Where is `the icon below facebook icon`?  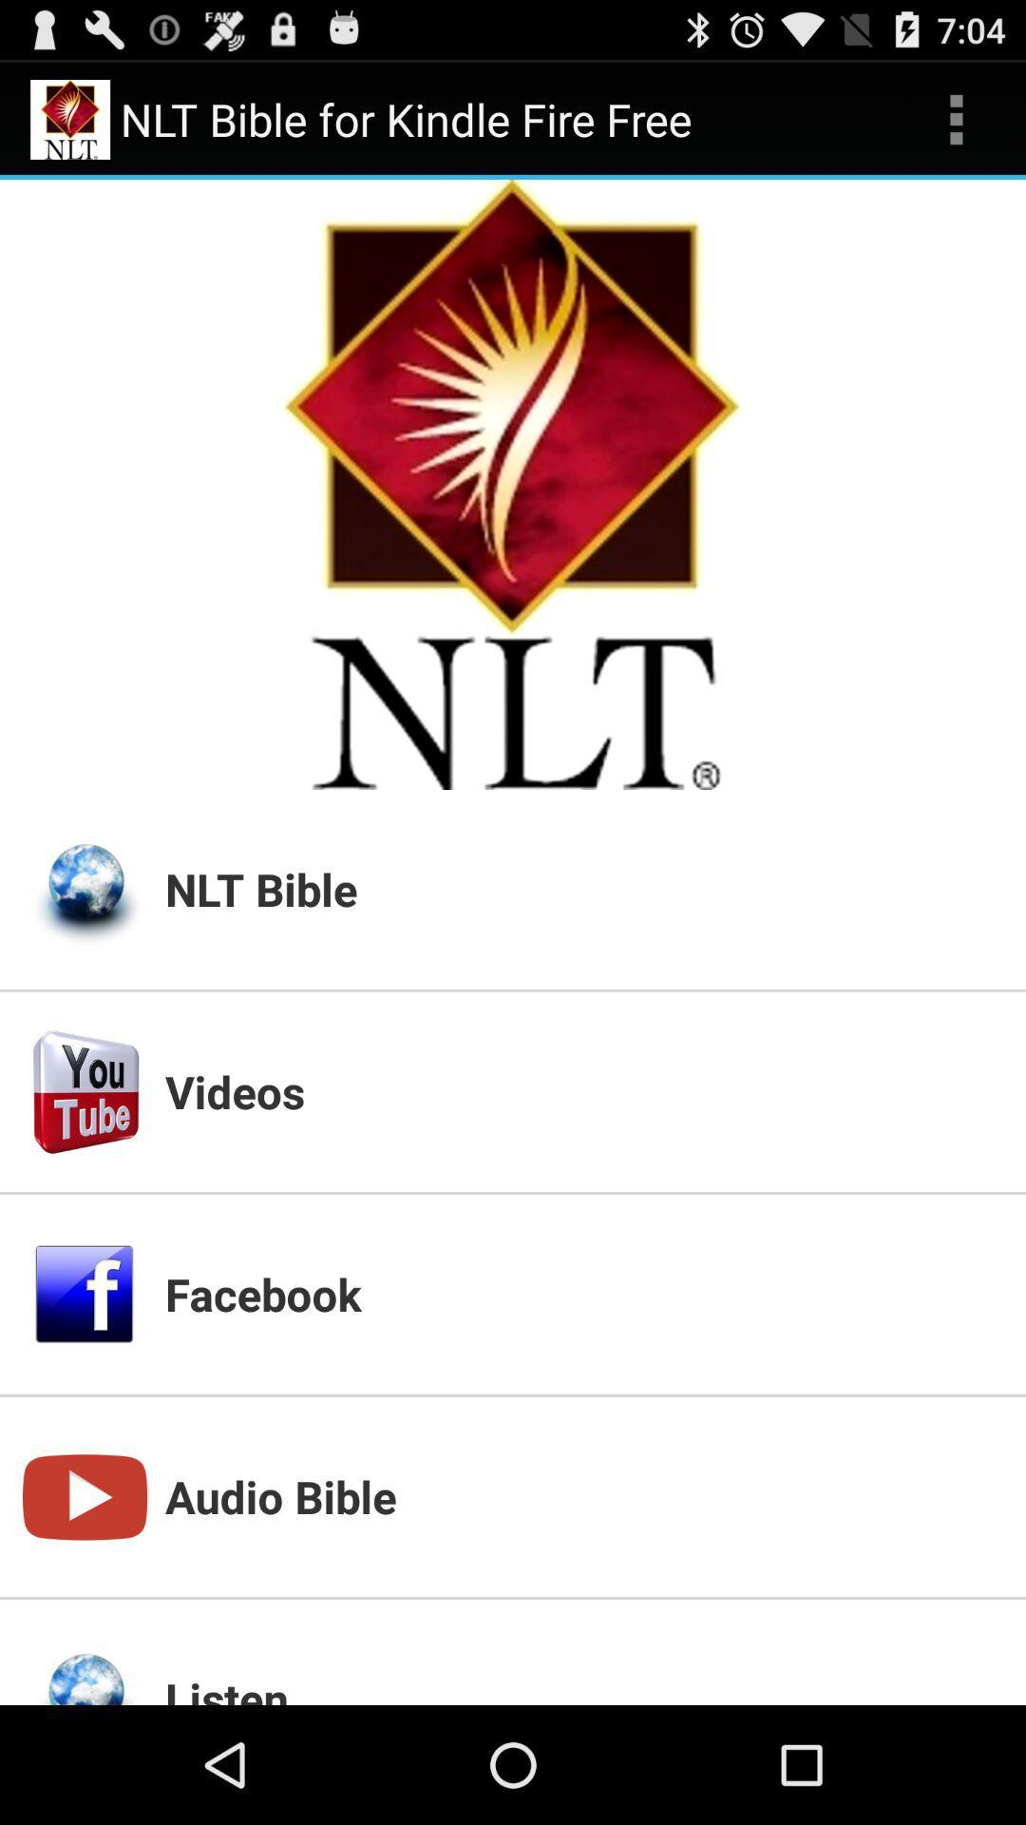 the icon below facebook icon is located at coordinates (582, 1495).